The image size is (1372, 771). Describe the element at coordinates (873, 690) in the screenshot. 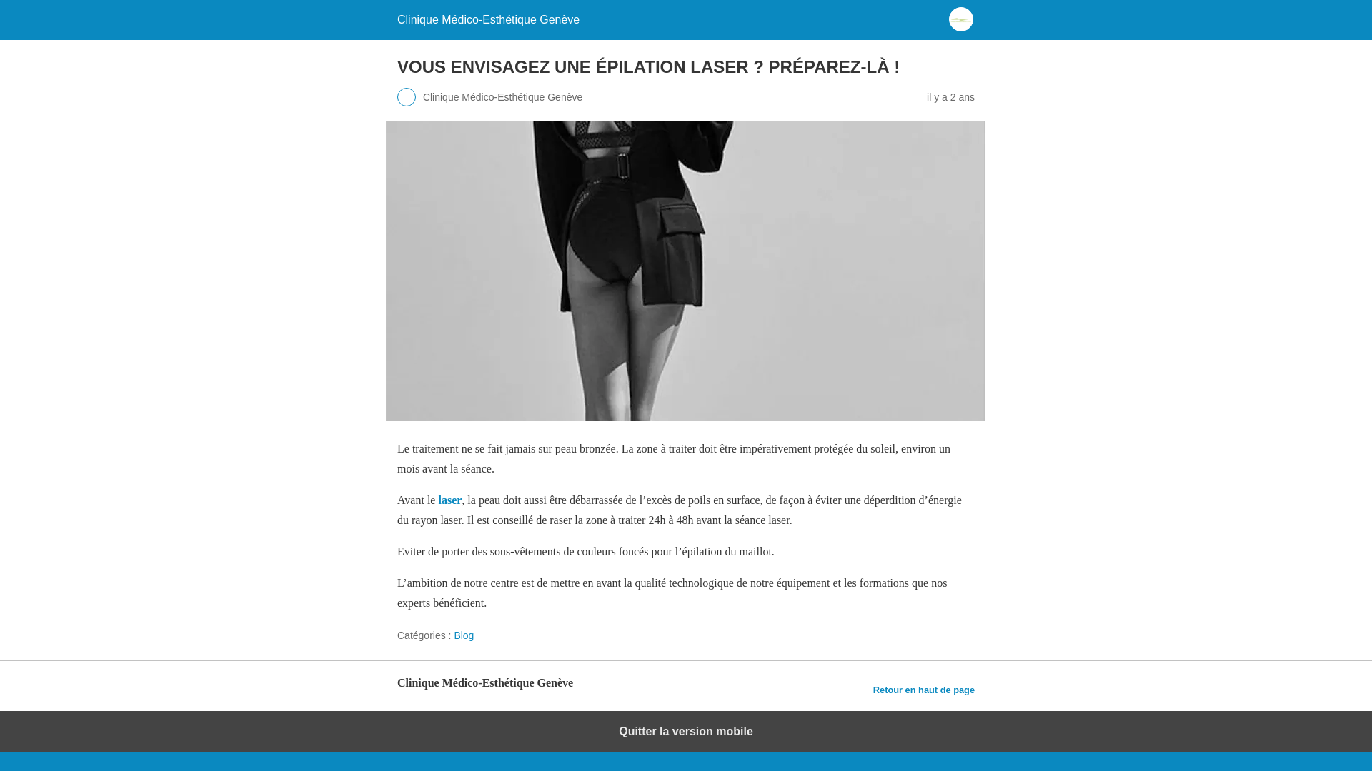

I see `'Retour en haut de page'` at that location.